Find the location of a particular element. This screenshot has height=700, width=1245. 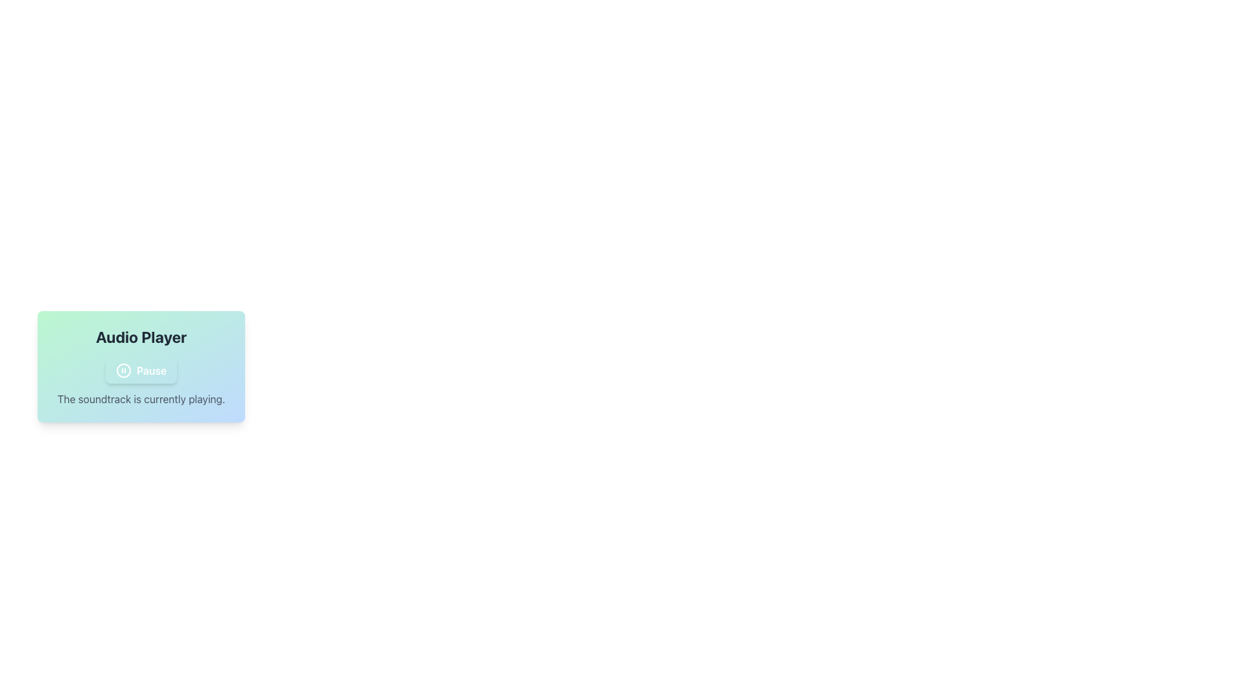

the text label that serves as the main heading for the audio player interface, located at the top-center of the gradient background card is located at coordinates (141, 336).